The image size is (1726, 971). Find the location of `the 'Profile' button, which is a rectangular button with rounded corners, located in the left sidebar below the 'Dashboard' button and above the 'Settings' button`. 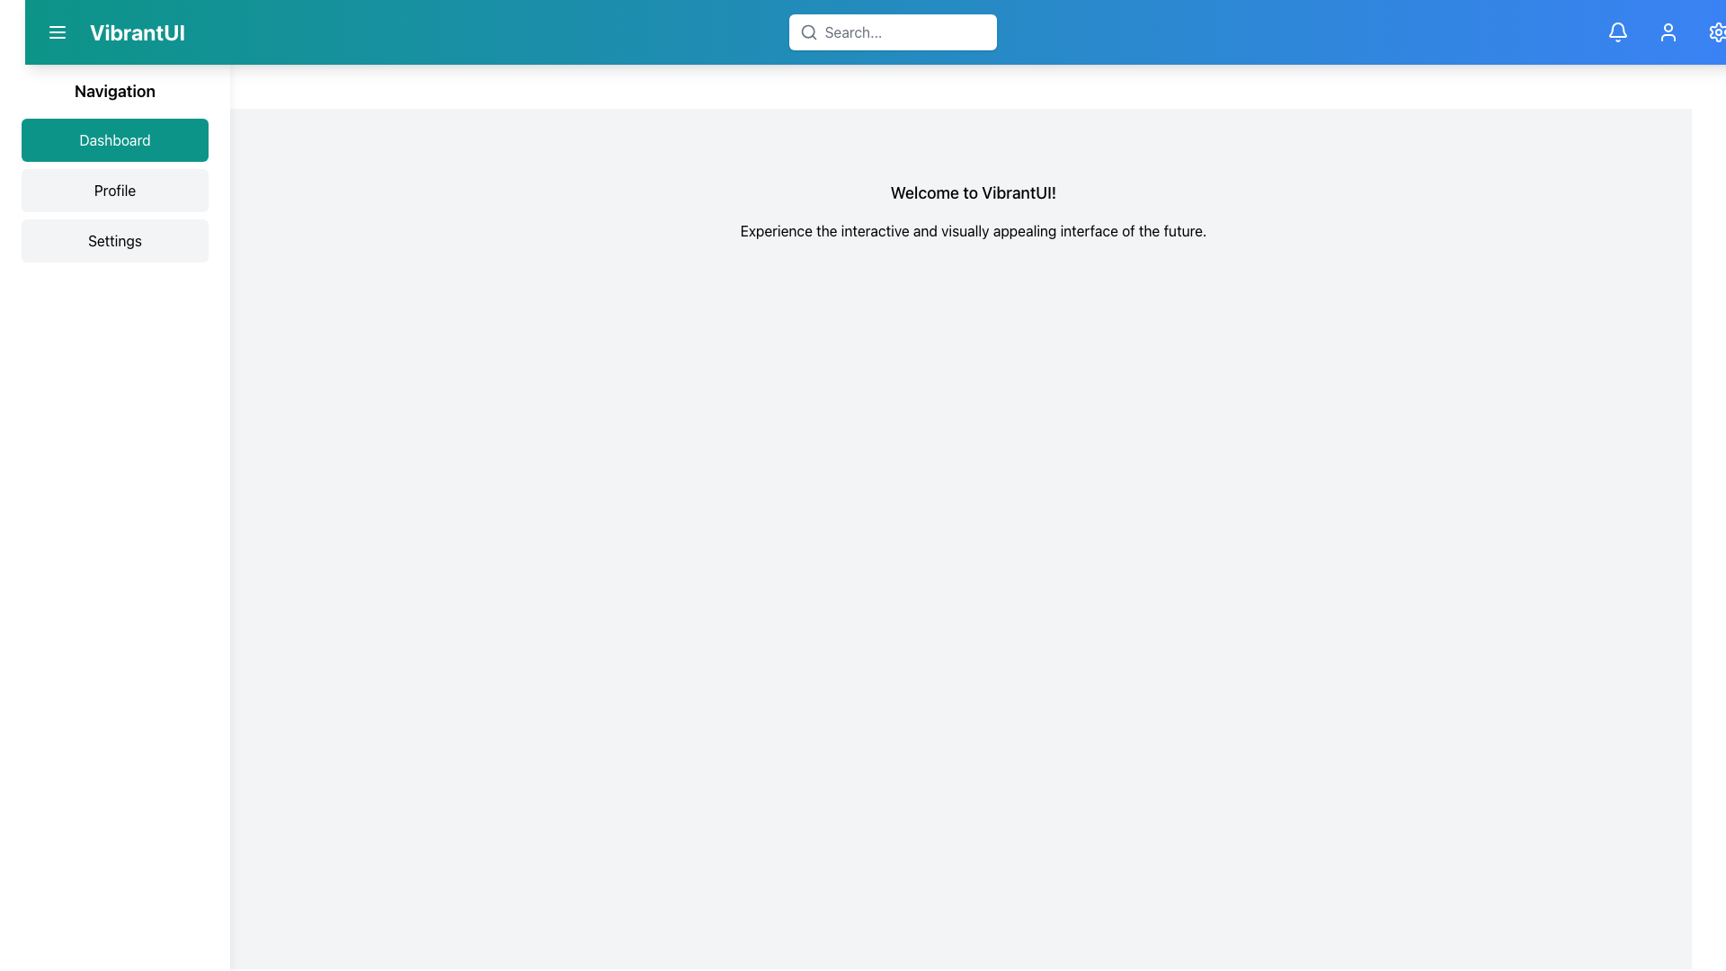

the 'Profile' button, which is a rectangular button with rounded corners, located in the left sidebar below the 'Dashboard' button and above the 'Settings' button is located at coordinates (114, 191).